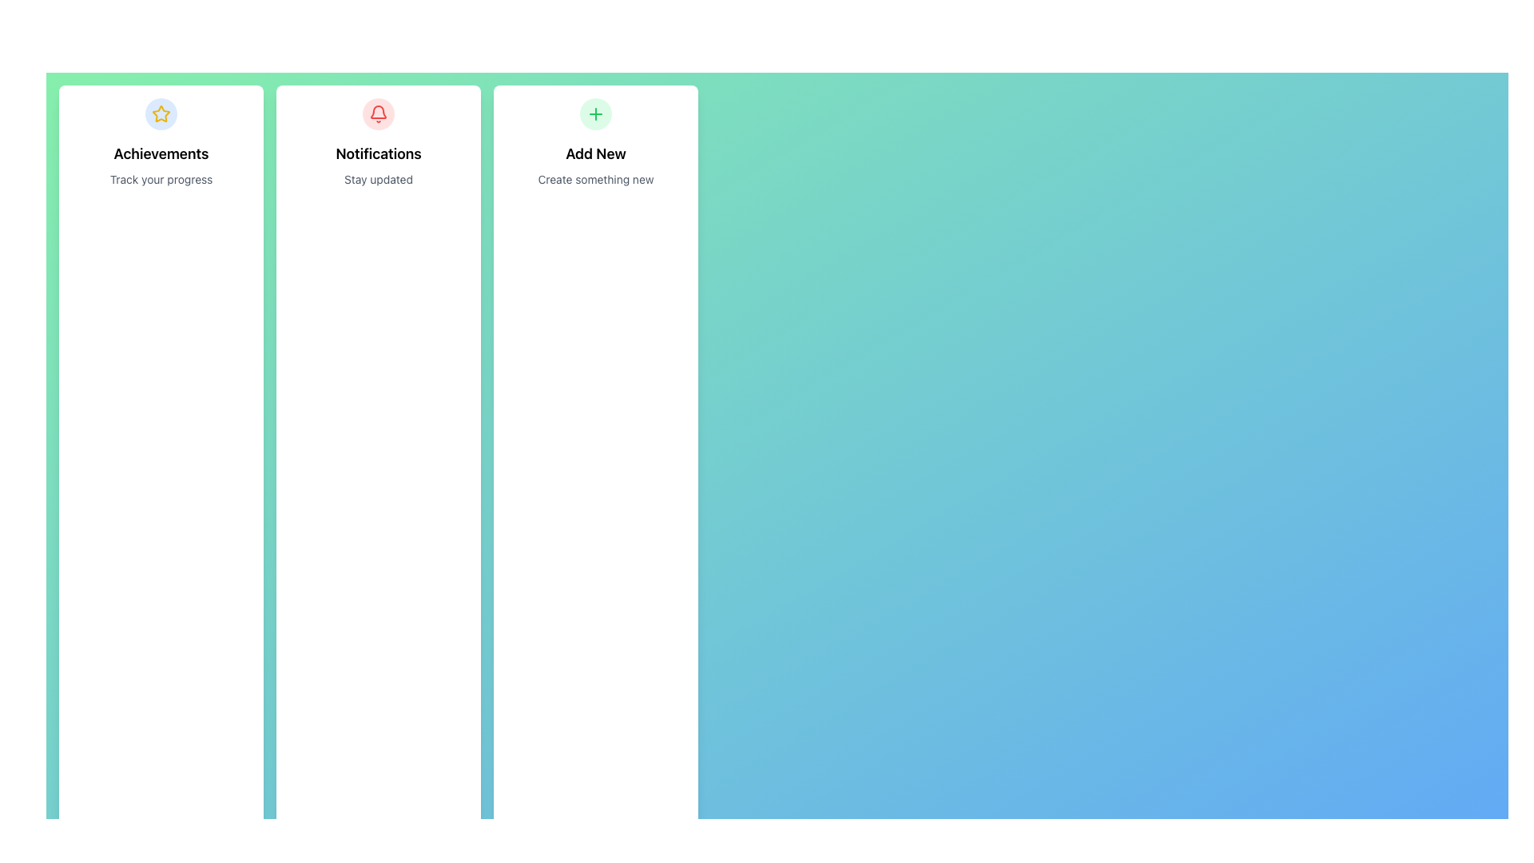 Image resolution: width=1534 pixels, height=863 pixels. I want to click on the SVG star icon representing achievements, located in the Achievements section at the specified coordinates, so click(161, 113).